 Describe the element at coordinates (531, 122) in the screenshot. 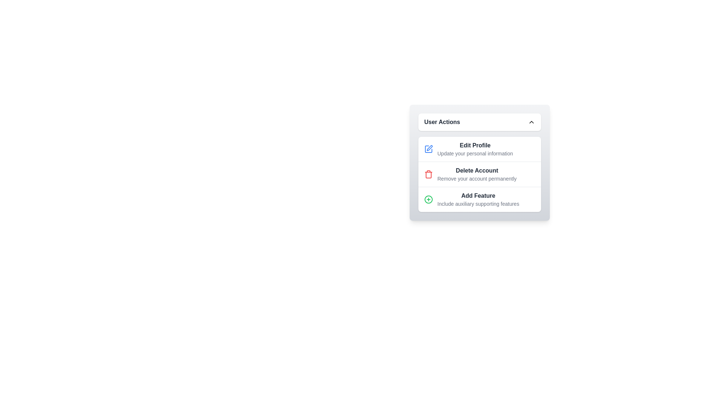

I see `the small upward-pointing arrow icon located inside the white rounded box labeled 'User Actions'` at that location.